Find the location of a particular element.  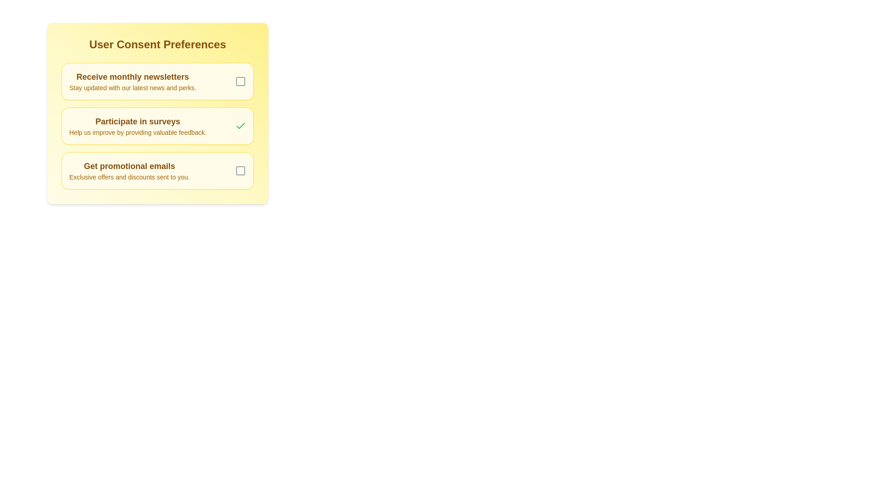

the checkbox representing the 'Receive monthly newsletters' option in the consent preferences dialog box is located at coordinates (241, 81).